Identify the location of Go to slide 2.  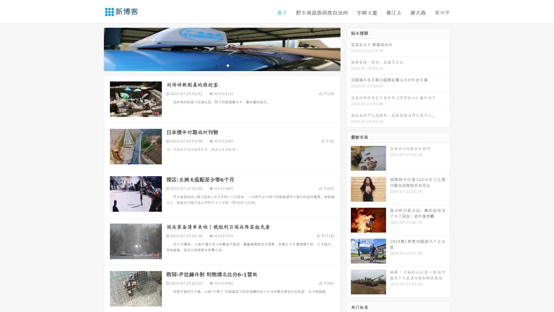
(222, 65).